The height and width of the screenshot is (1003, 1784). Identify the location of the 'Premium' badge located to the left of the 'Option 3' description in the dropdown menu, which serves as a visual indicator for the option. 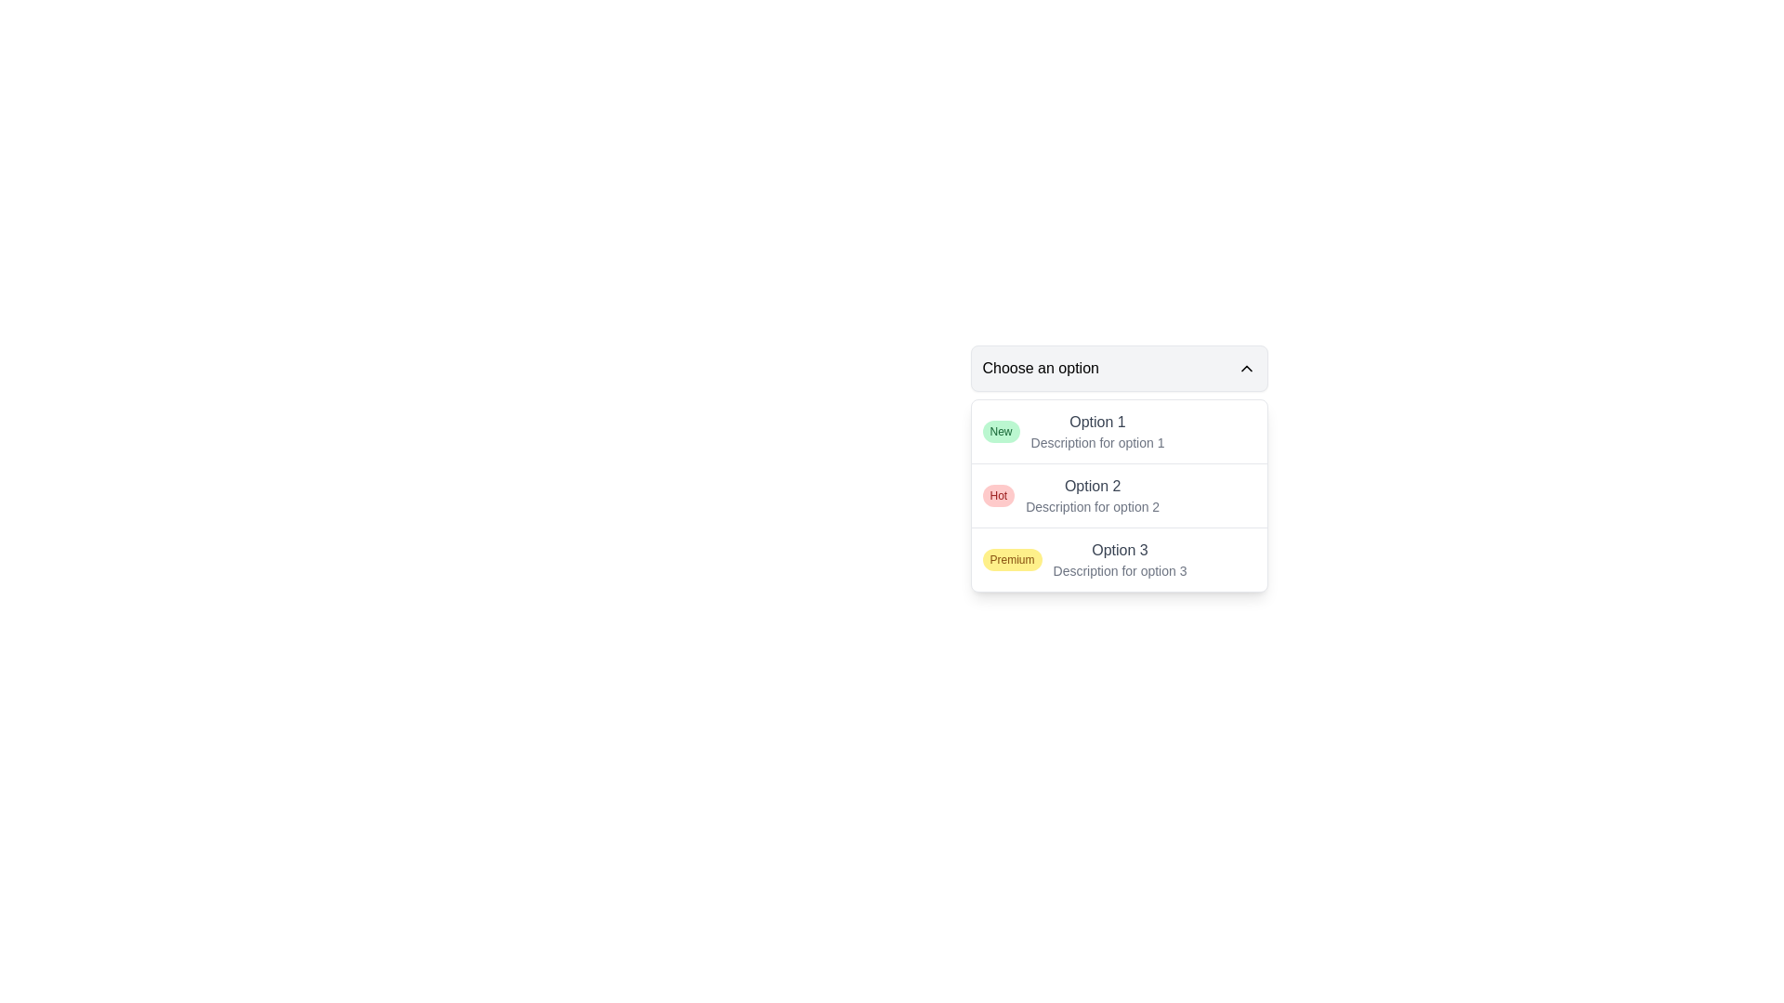
(1011, 558).